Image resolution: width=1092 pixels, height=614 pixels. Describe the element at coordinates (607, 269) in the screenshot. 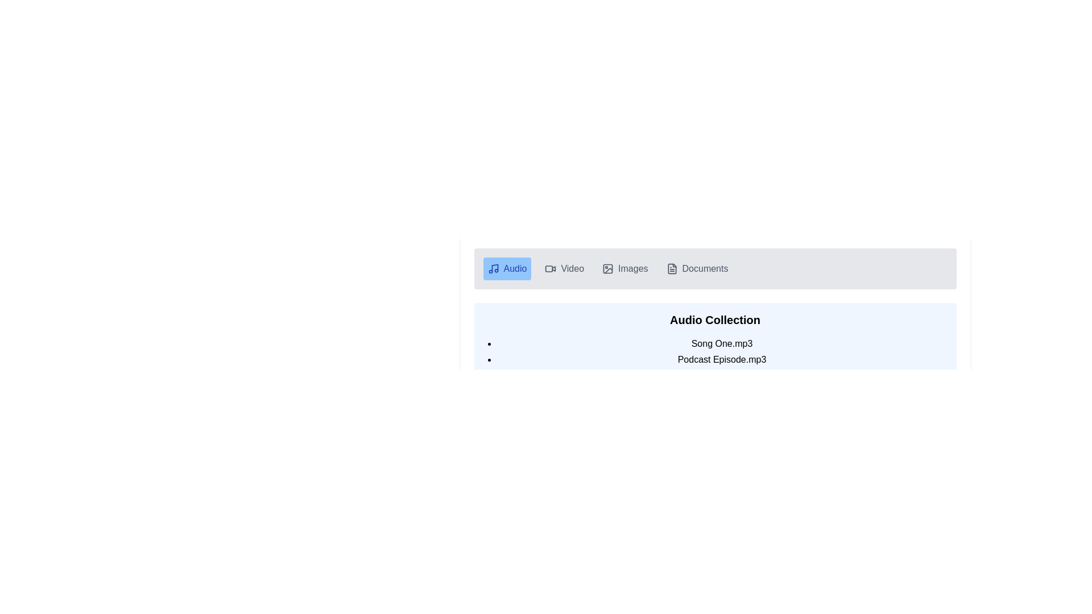

I see `the SVG icon representing the 'Images' section in the navigation bar, which features a rectangle with rounded corners and a circular shape` at that location.